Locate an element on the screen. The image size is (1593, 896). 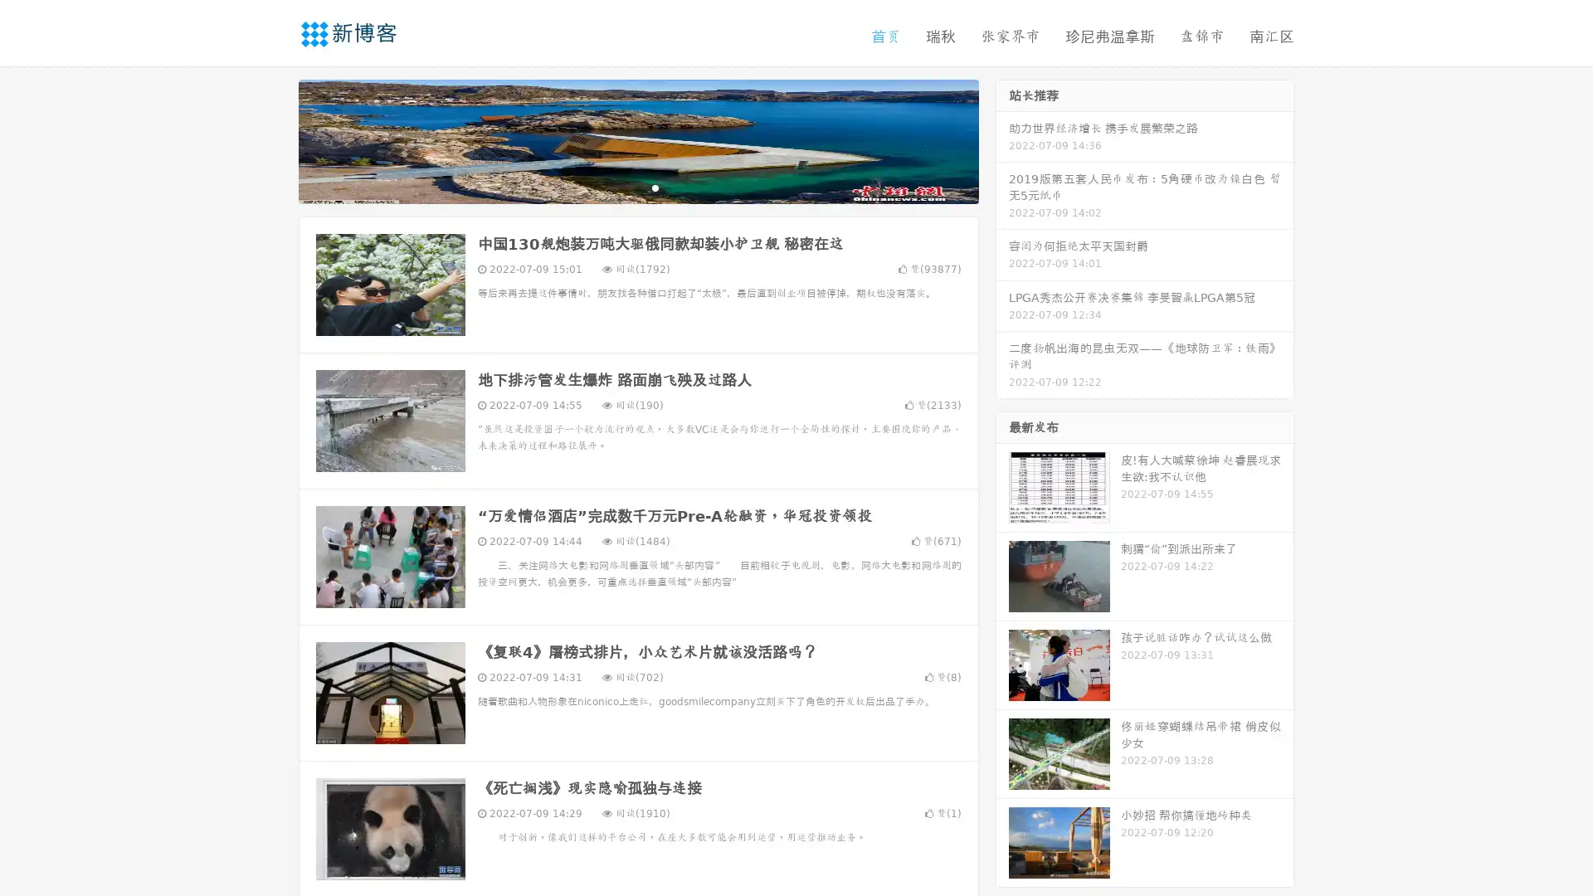
Go to slide 2 is located at coordinates (637, 187).